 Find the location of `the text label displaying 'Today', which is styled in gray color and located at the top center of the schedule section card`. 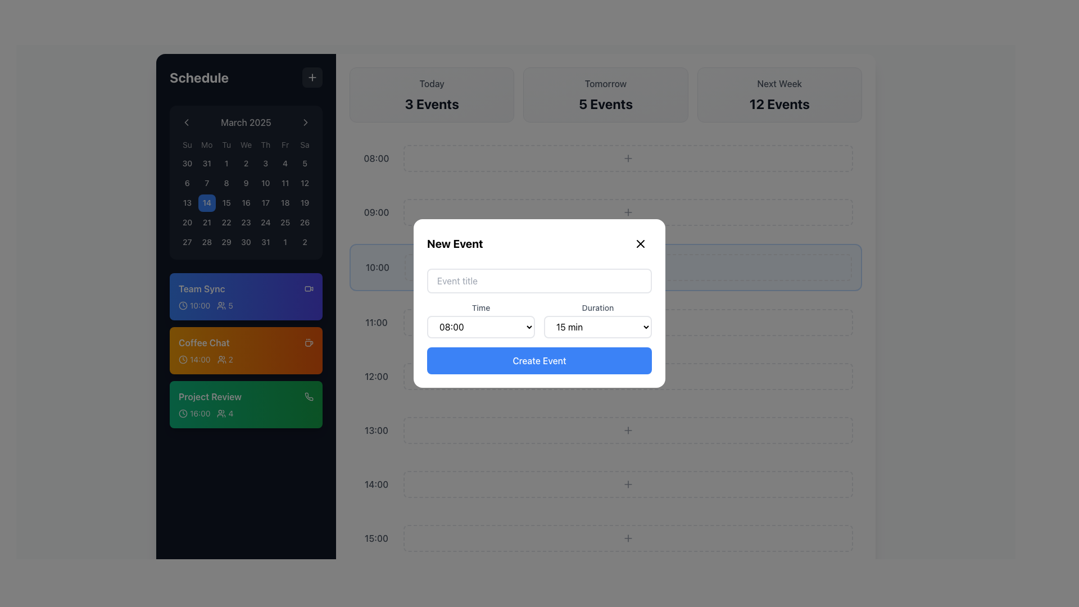

the text label displaying 'Today', which is styled in gray color and located at the top center of the schedule section card is located at coordinates (431, 83).